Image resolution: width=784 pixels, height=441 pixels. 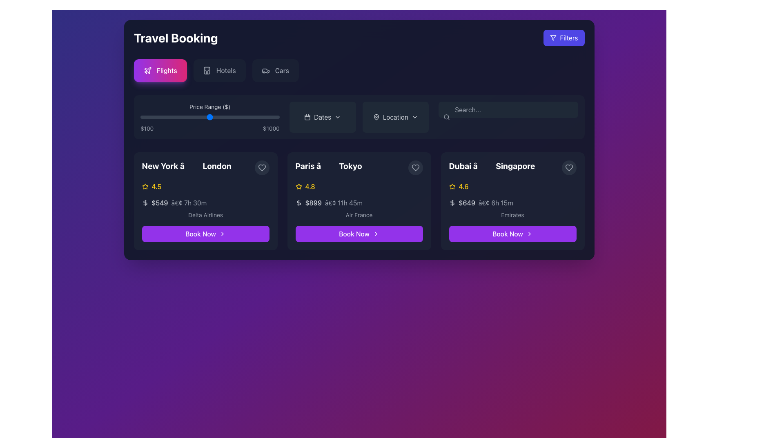 What do you see at coordinates (322, 117) in the screenshot?
I see `the 'Dates' Text Label which serves as a label for the date selection button` at bounding box center [322, 117].